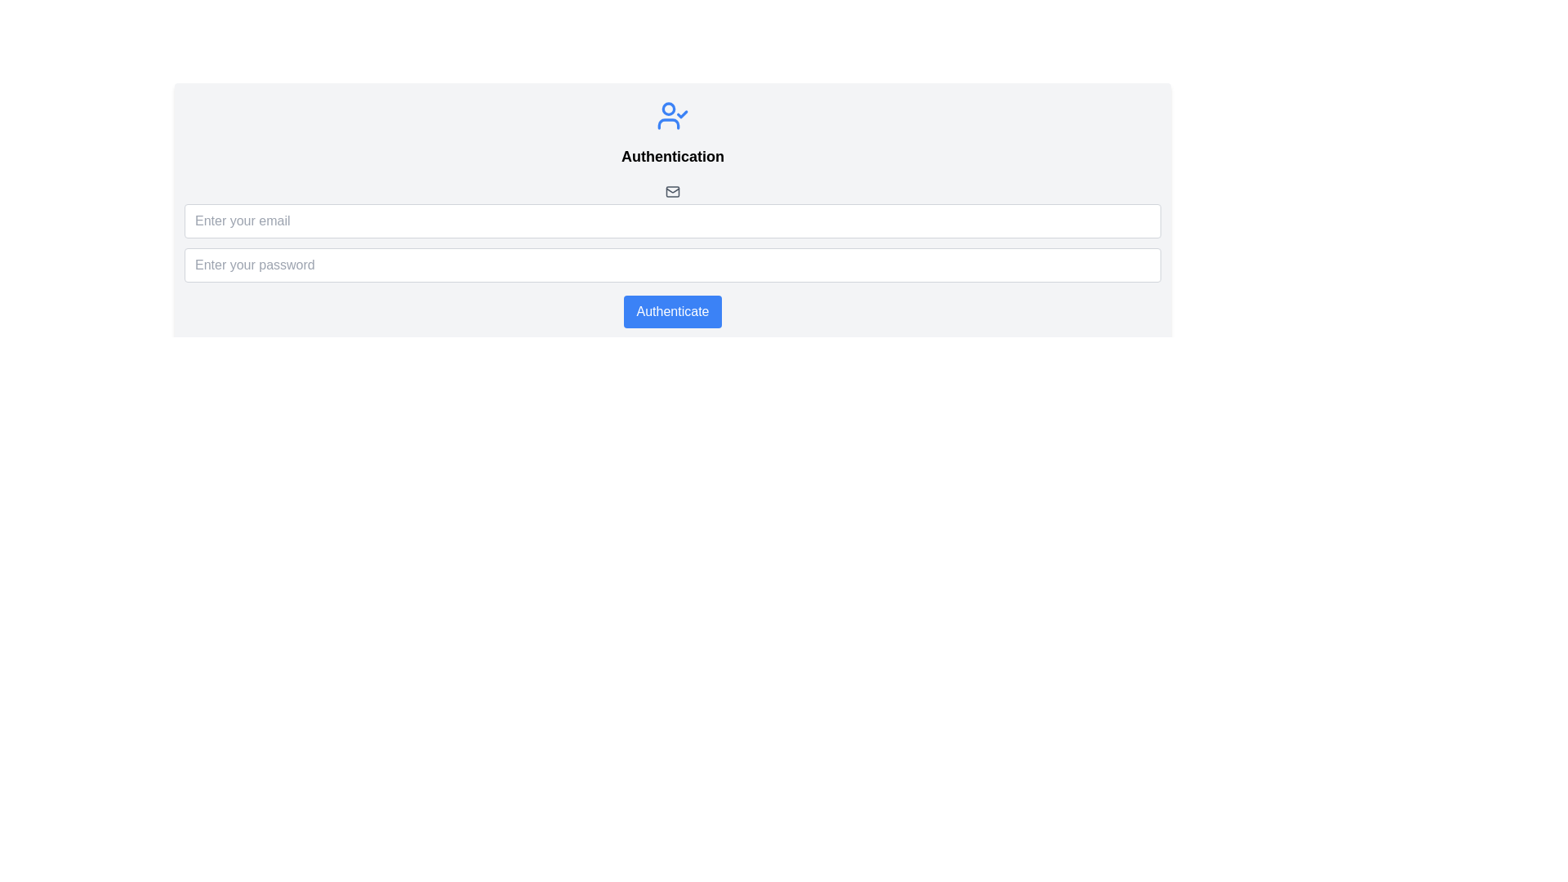  Describe the element at coordinates (673, 311) in the screenshot. I see `the 'Authenticate' button, which is a rectangular button with a blue background and white text, centrally aligned at the bottom of the authentication form` at that location.